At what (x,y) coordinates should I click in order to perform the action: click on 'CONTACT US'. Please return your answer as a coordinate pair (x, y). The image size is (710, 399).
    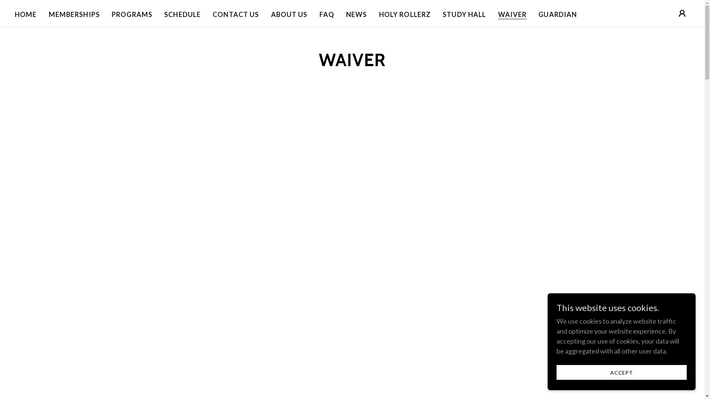
    Looking at the image, I should click on (210, 14).